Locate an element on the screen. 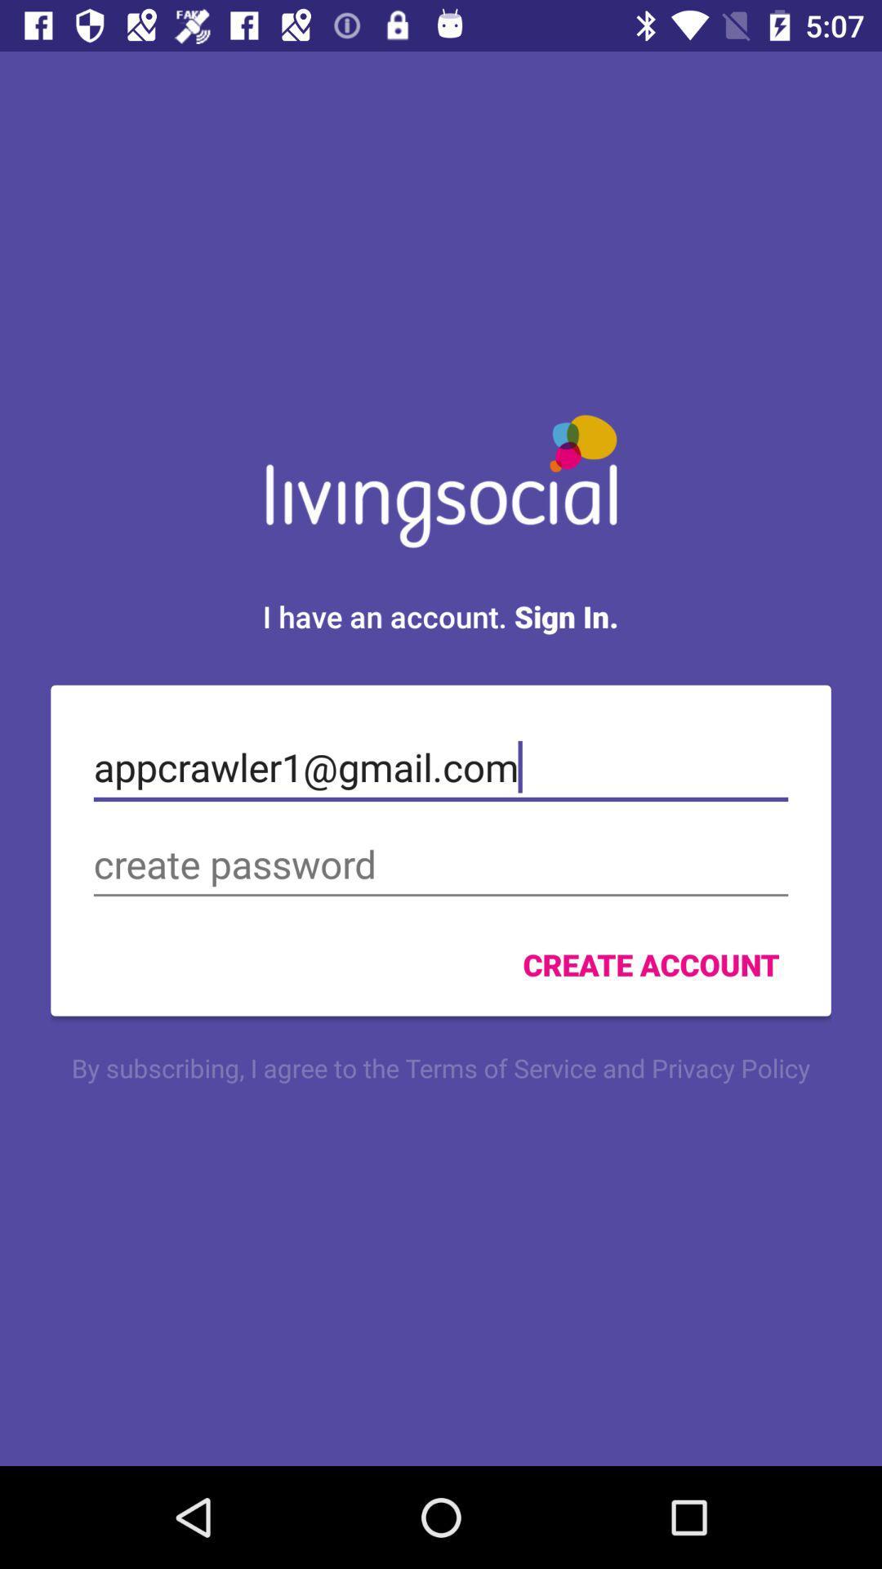 The width and height of the screenshot is (882, 1569). create account is located at coordinates (650, 964).